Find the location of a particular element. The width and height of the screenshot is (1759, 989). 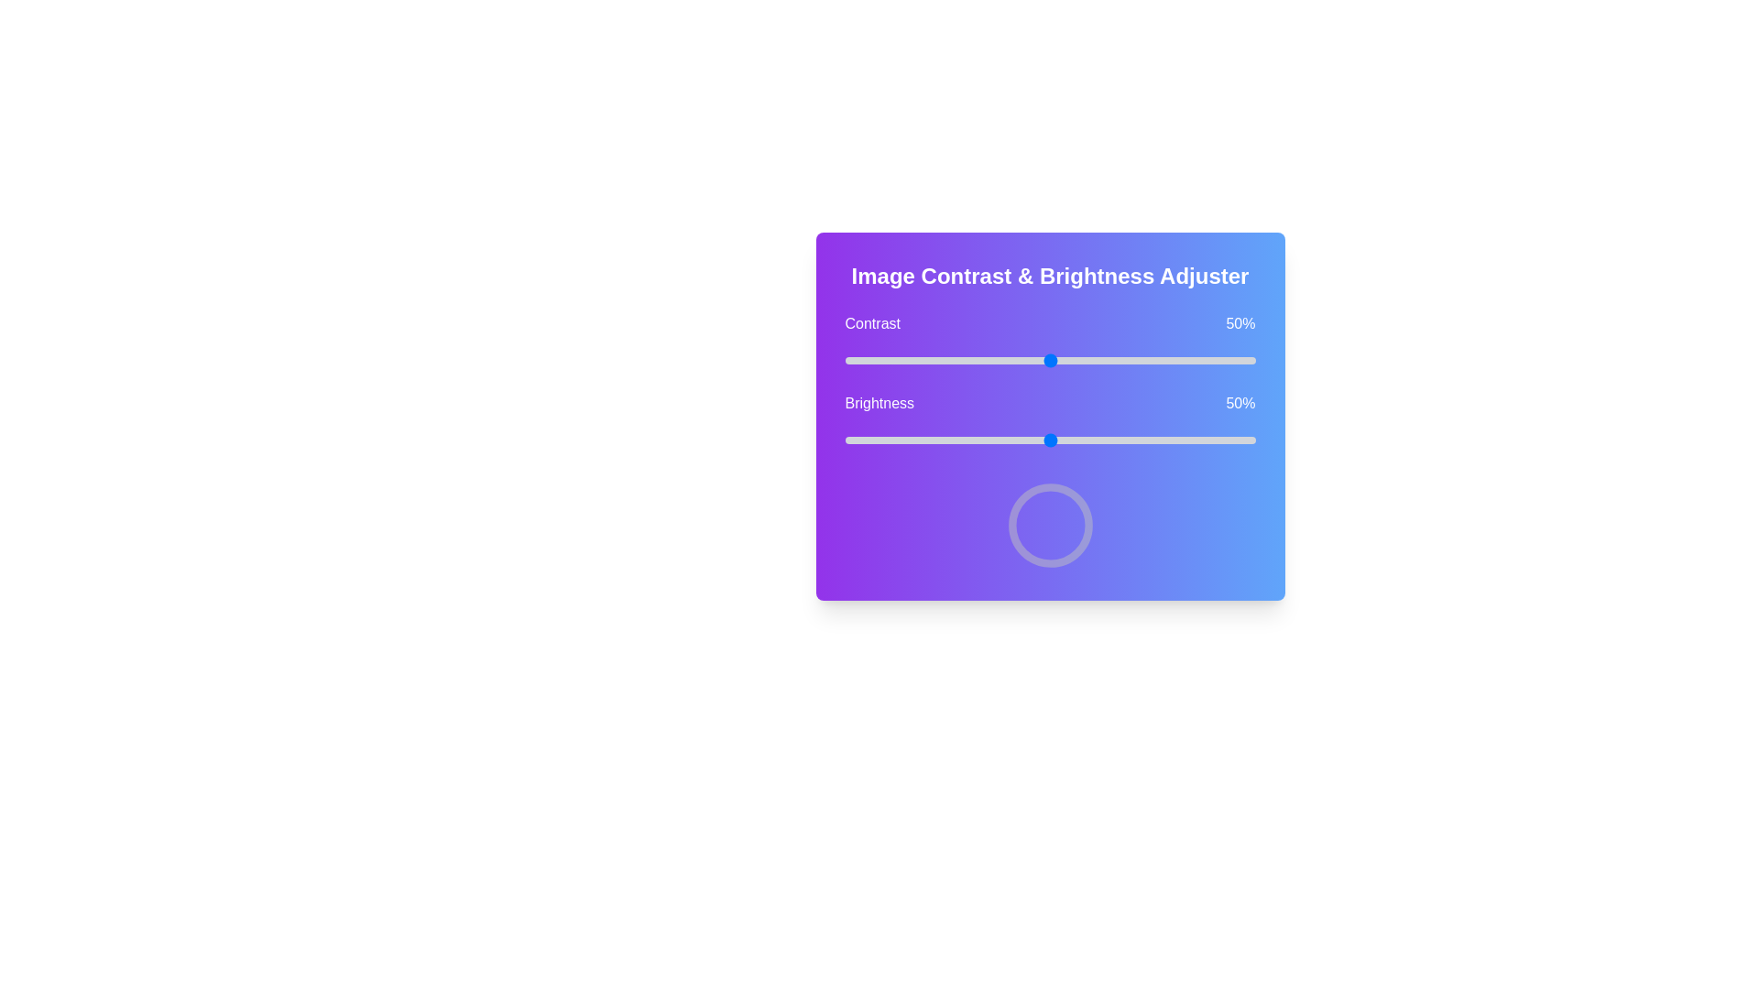

the contrast to 57% using the slider is located at coordinates (1078, 360).